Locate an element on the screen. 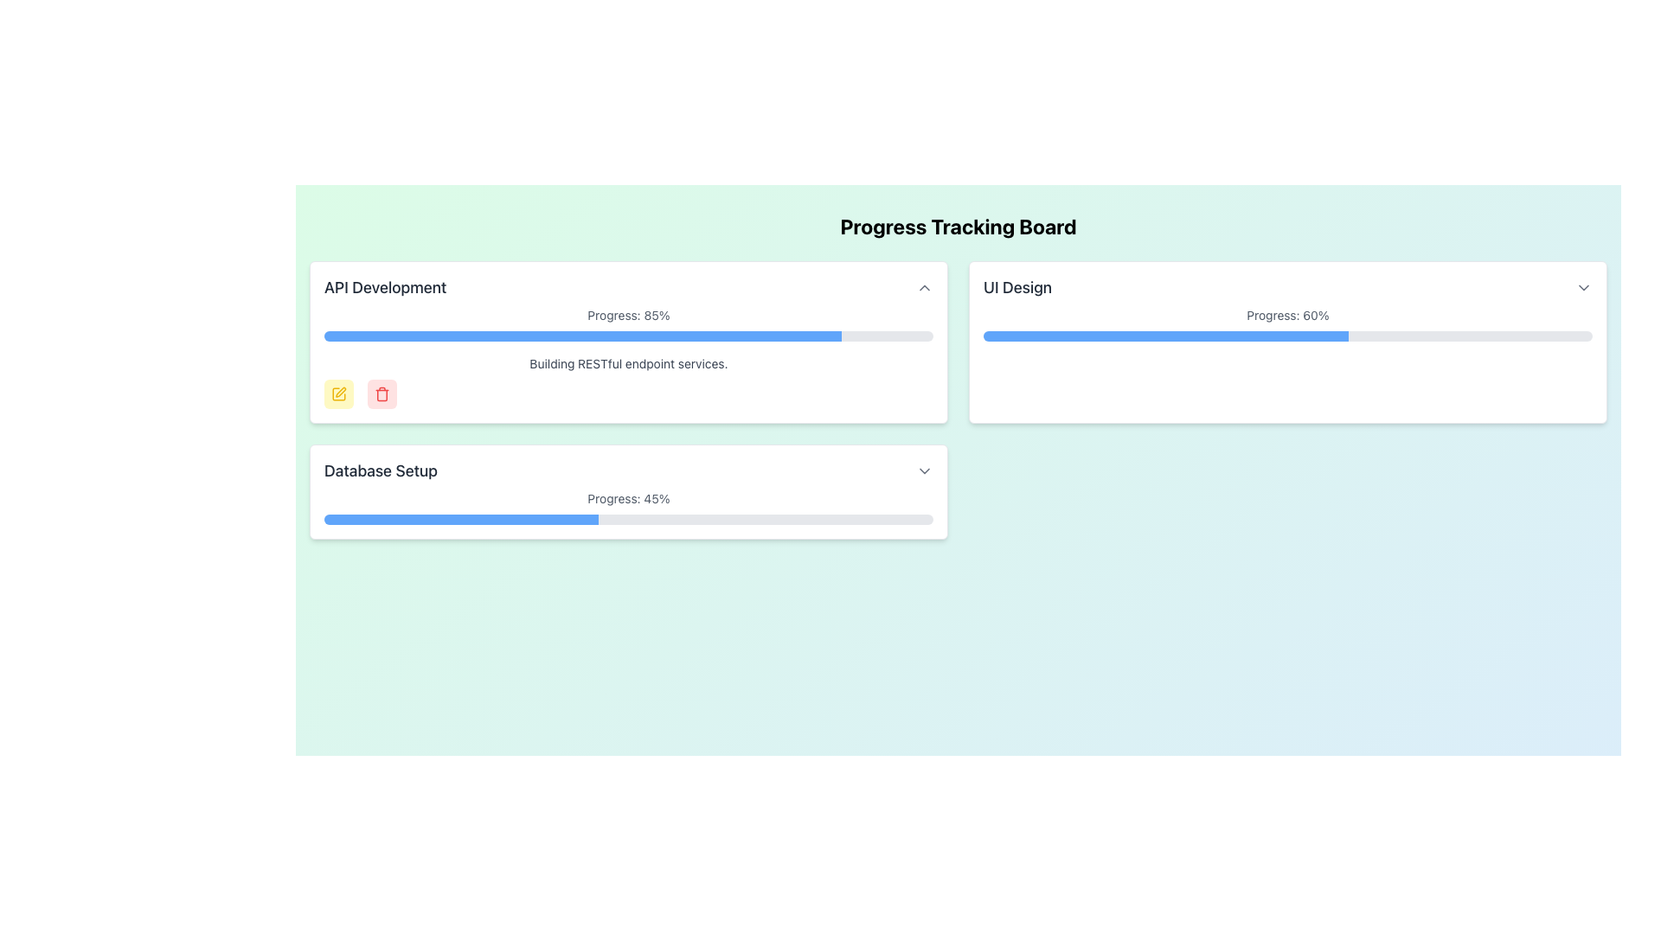 The height and width of the screenshot is (934, 1661). the progress bar is located at coordinates (335, 519).